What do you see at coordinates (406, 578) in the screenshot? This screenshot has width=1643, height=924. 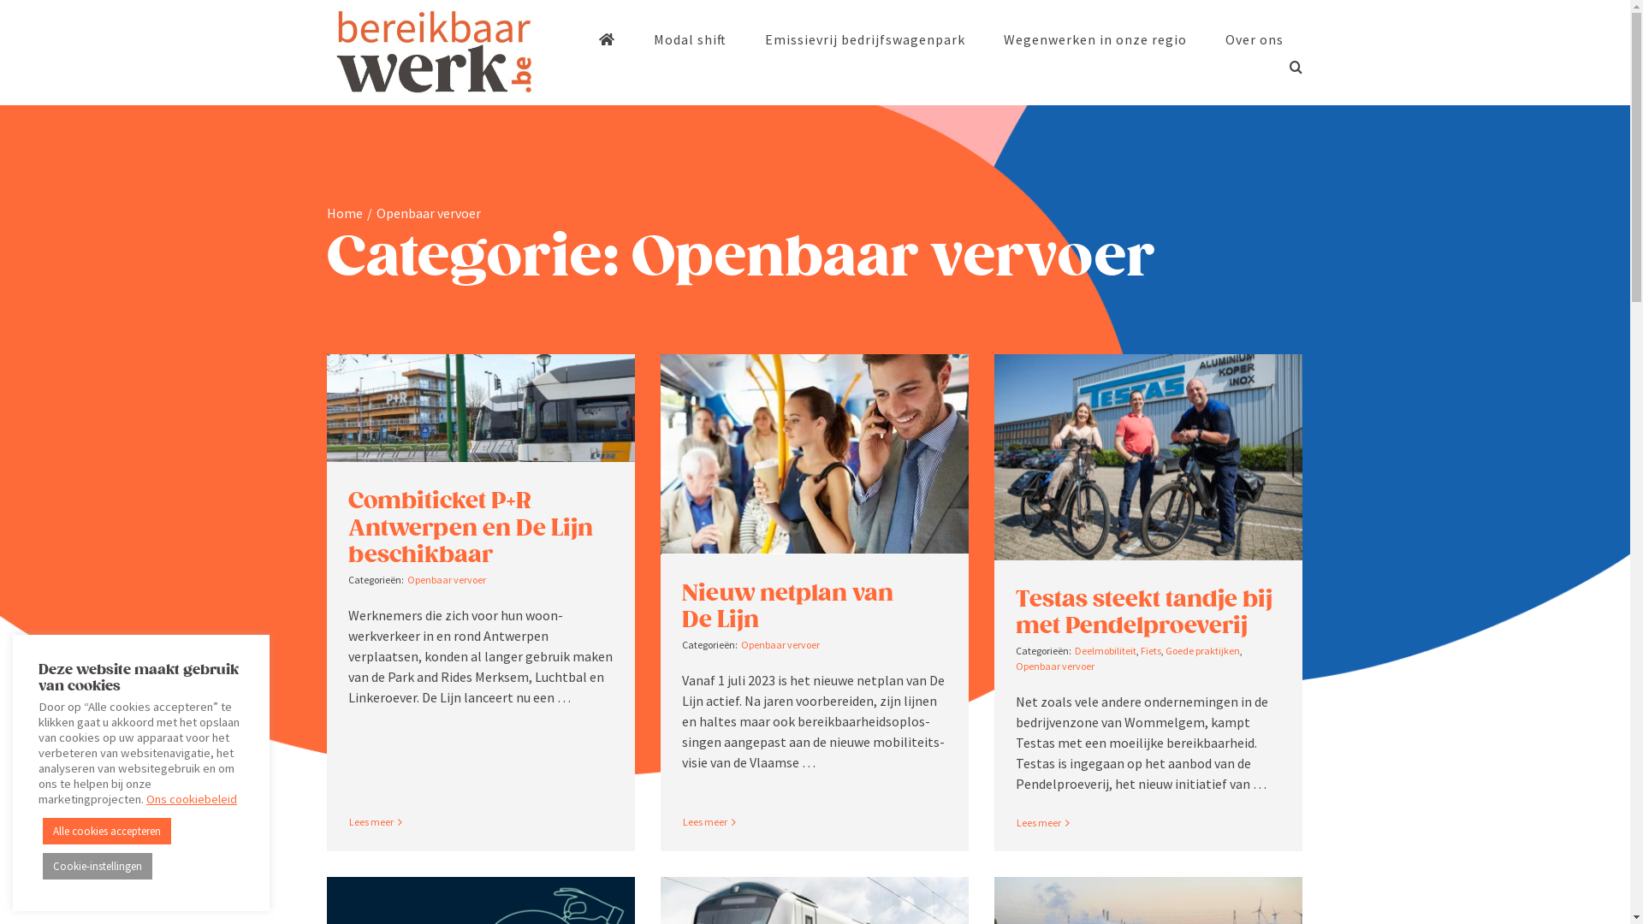 I see `'Openbaar vervoer'` at bounding box center [406, 578].